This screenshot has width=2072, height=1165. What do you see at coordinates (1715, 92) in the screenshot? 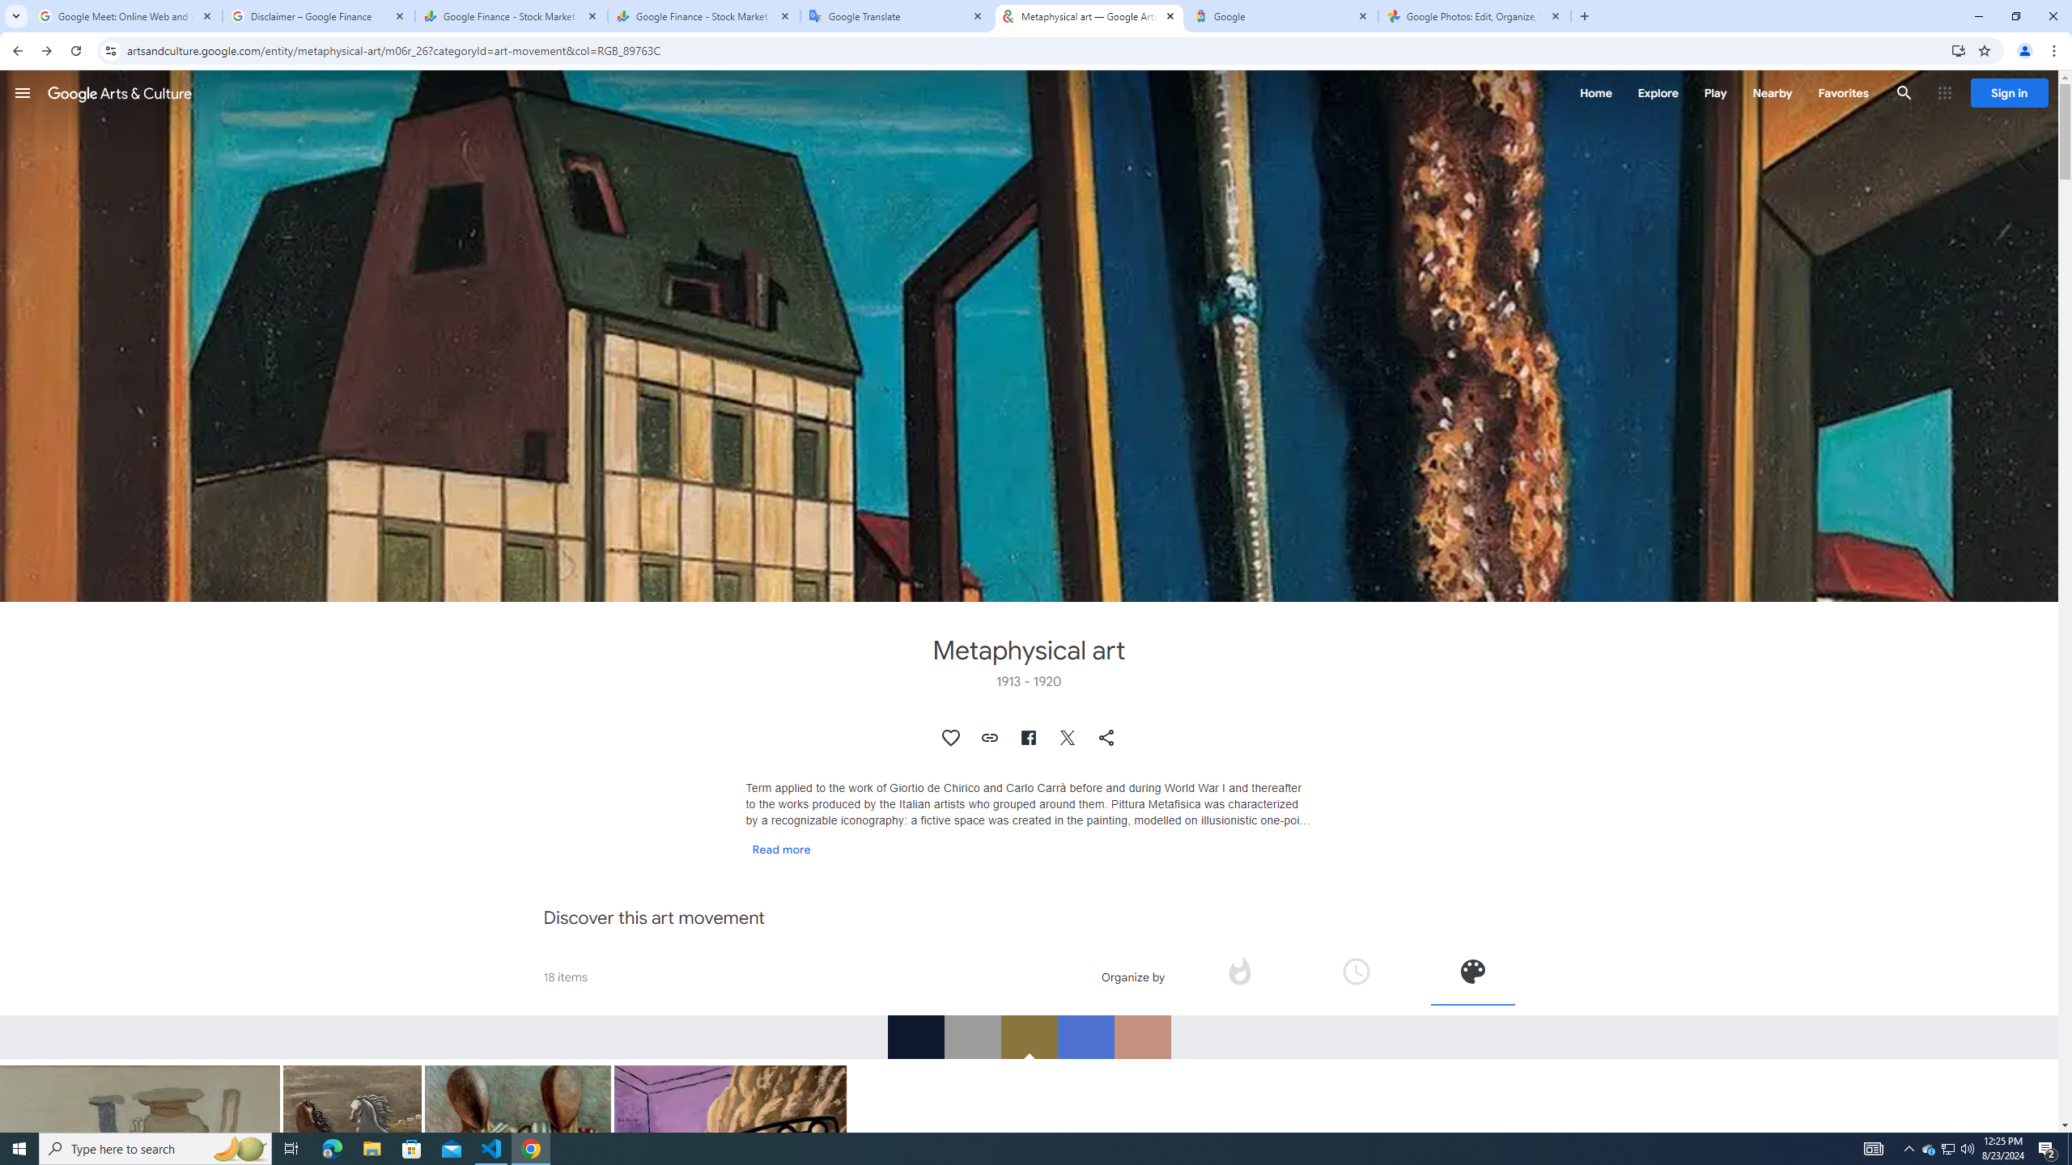
I see `'Play'` at bounding box center [1715, 92].